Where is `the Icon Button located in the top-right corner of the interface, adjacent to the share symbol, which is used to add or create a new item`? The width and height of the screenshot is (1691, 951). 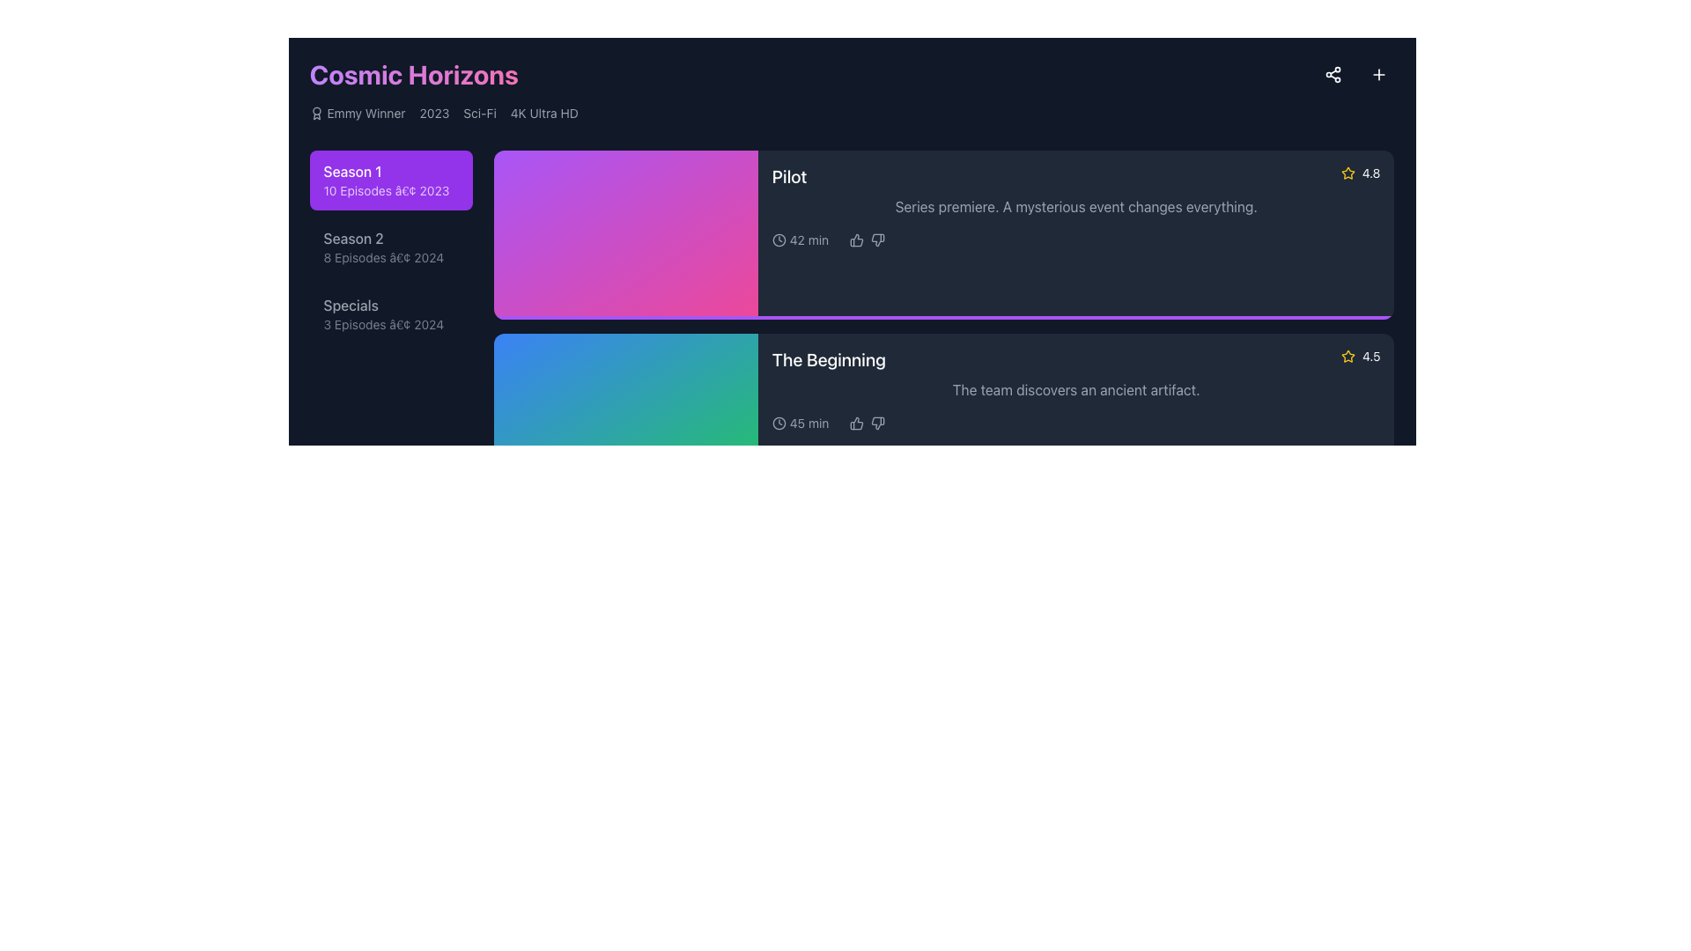
the Icon Button located in the top-right corner of the interface, adjacent to the share symbol, which is used to add or create a new item is located at coordinates (1377, 73).